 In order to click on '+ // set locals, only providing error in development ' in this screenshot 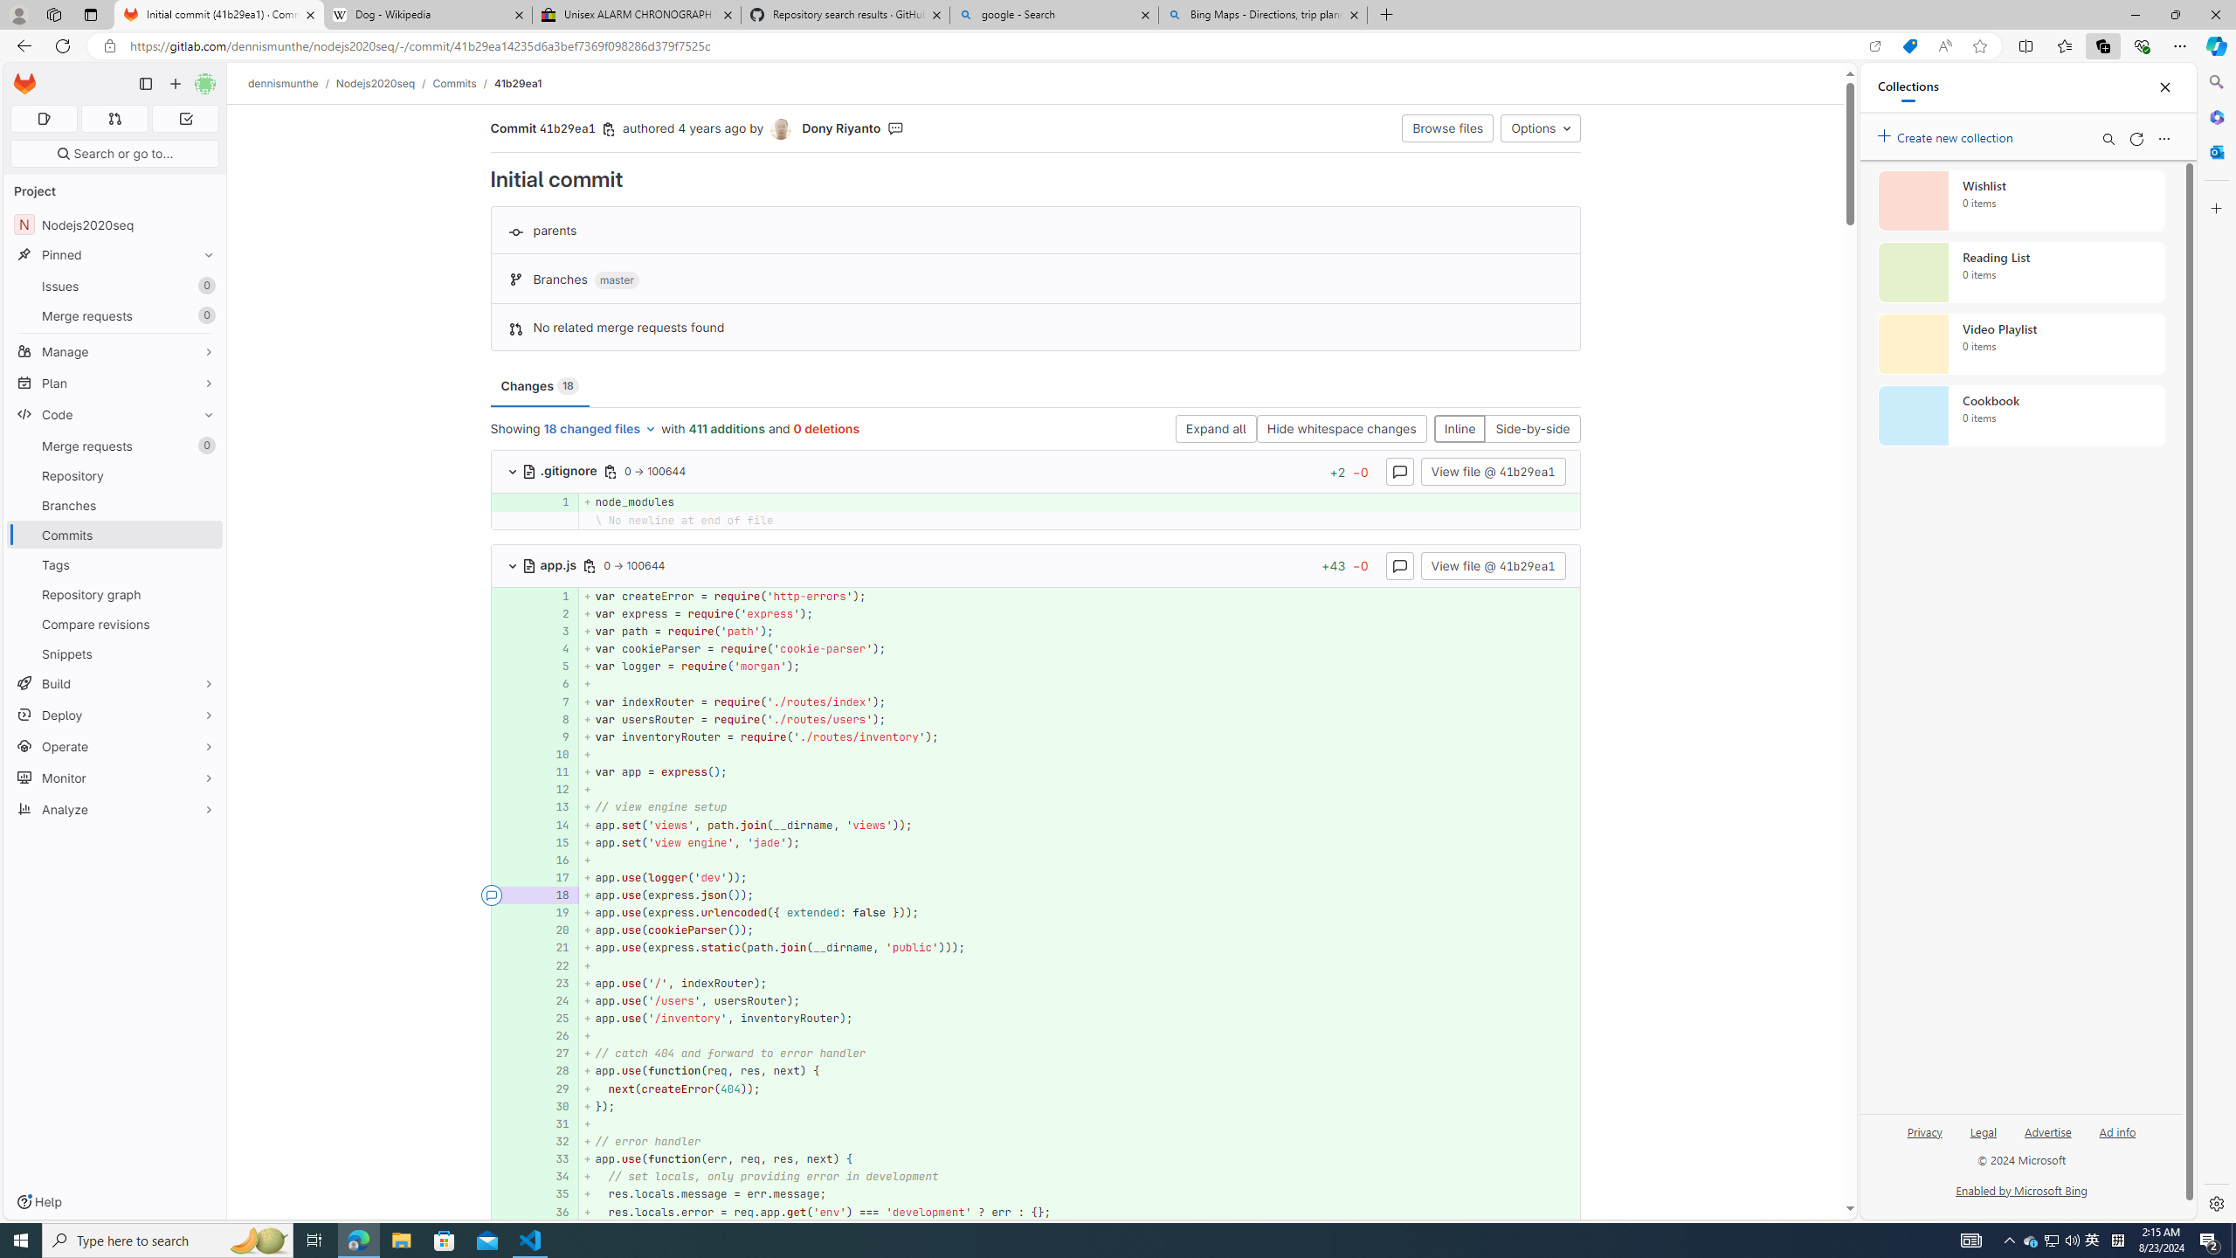, I will do `click(1079, 1177)`.